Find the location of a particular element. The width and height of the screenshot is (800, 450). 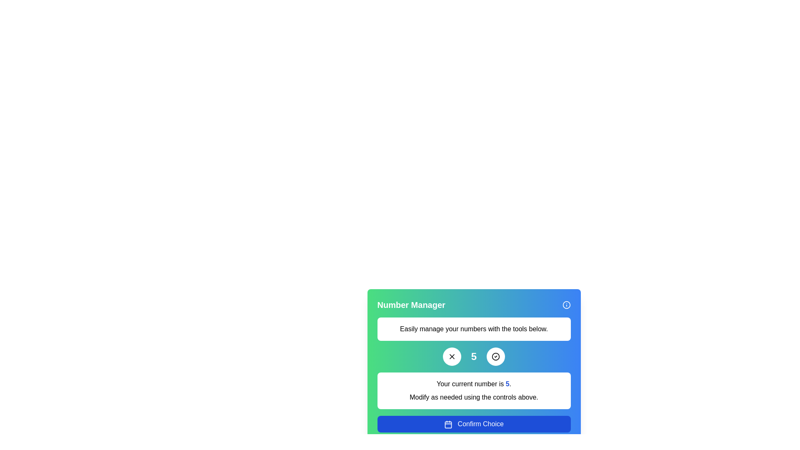

the decorative calendar icon located inside the 'Confirm Choice' button, adjacent to the text 'Confirm Choice.' is located at coordinates (448, 424).